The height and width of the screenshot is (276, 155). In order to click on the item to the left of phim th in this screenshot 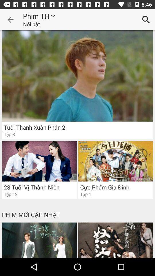, I will do `click(10, 20)`.